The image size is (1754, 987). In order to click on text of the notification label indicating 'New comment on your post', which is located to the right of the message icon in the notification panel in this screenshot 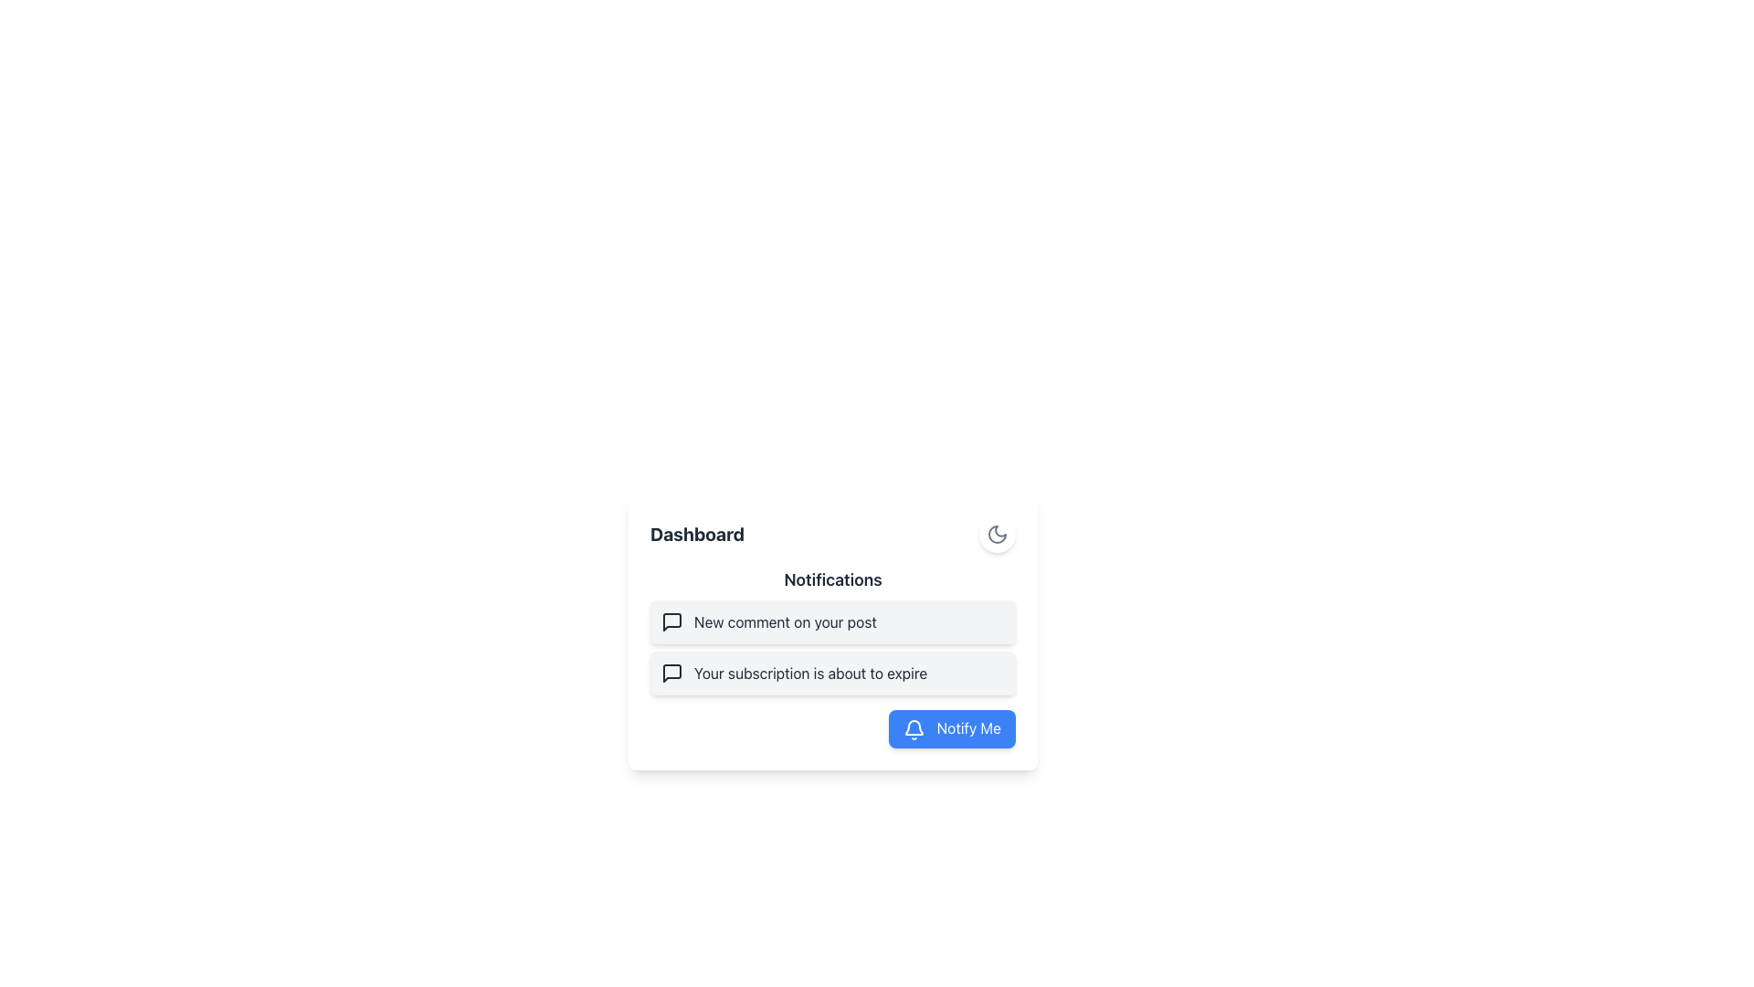, I will do `click(785, 621)`.